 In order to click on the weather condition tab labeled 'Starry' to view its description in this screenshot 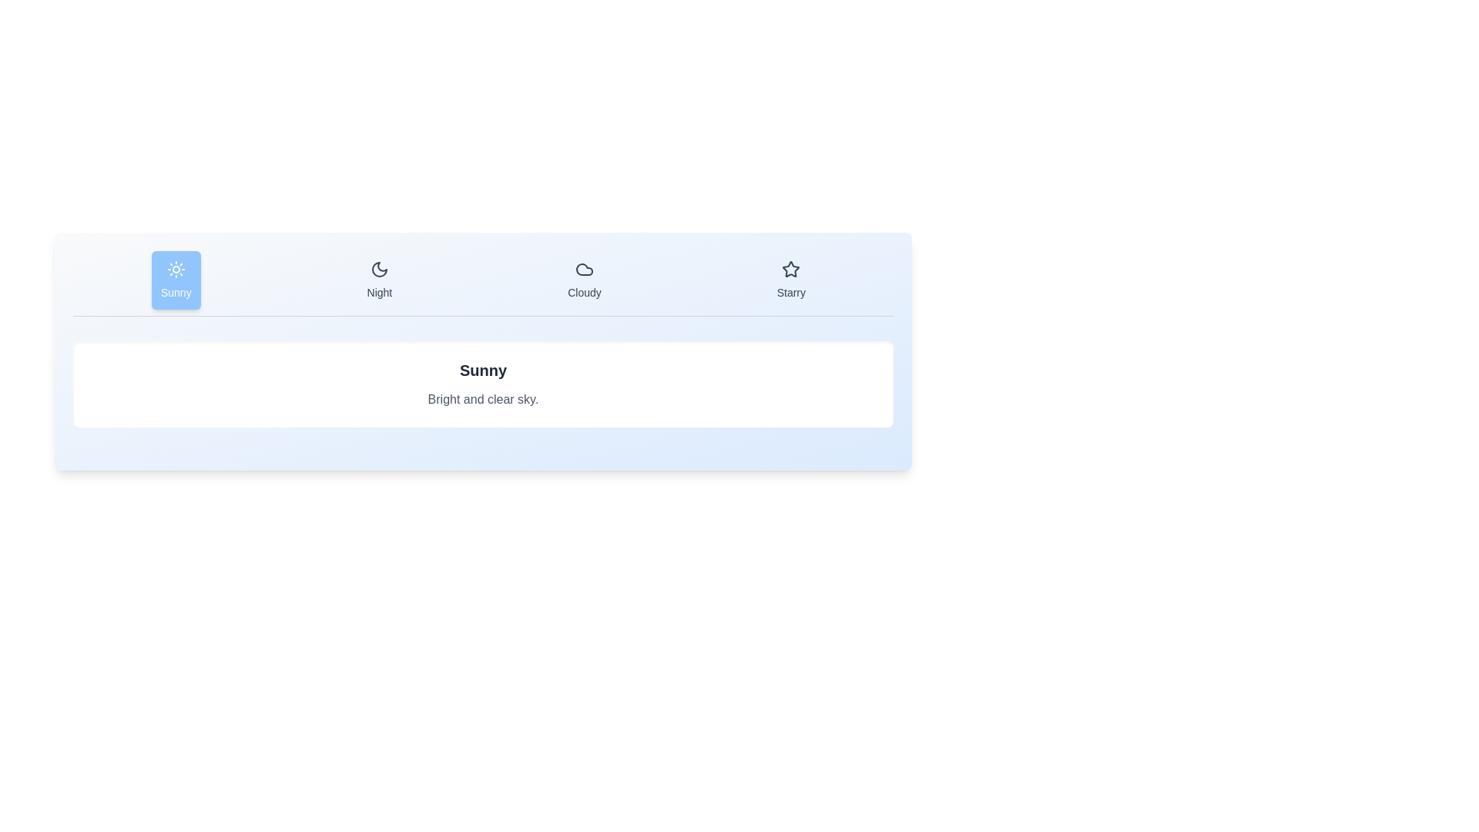, I will do `click(791, 280)`.